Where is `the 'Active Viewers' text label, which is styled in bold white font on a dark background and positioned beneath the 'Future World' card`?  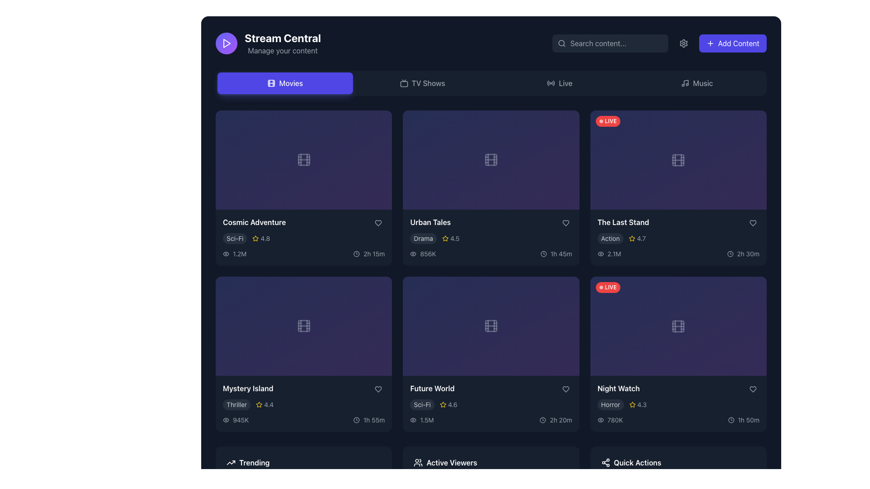 the 'Active Viewers' text label, which is styled in bold white font on a dark background and positioned beneath the 'Future World' card is located at coordinates (452, 463).